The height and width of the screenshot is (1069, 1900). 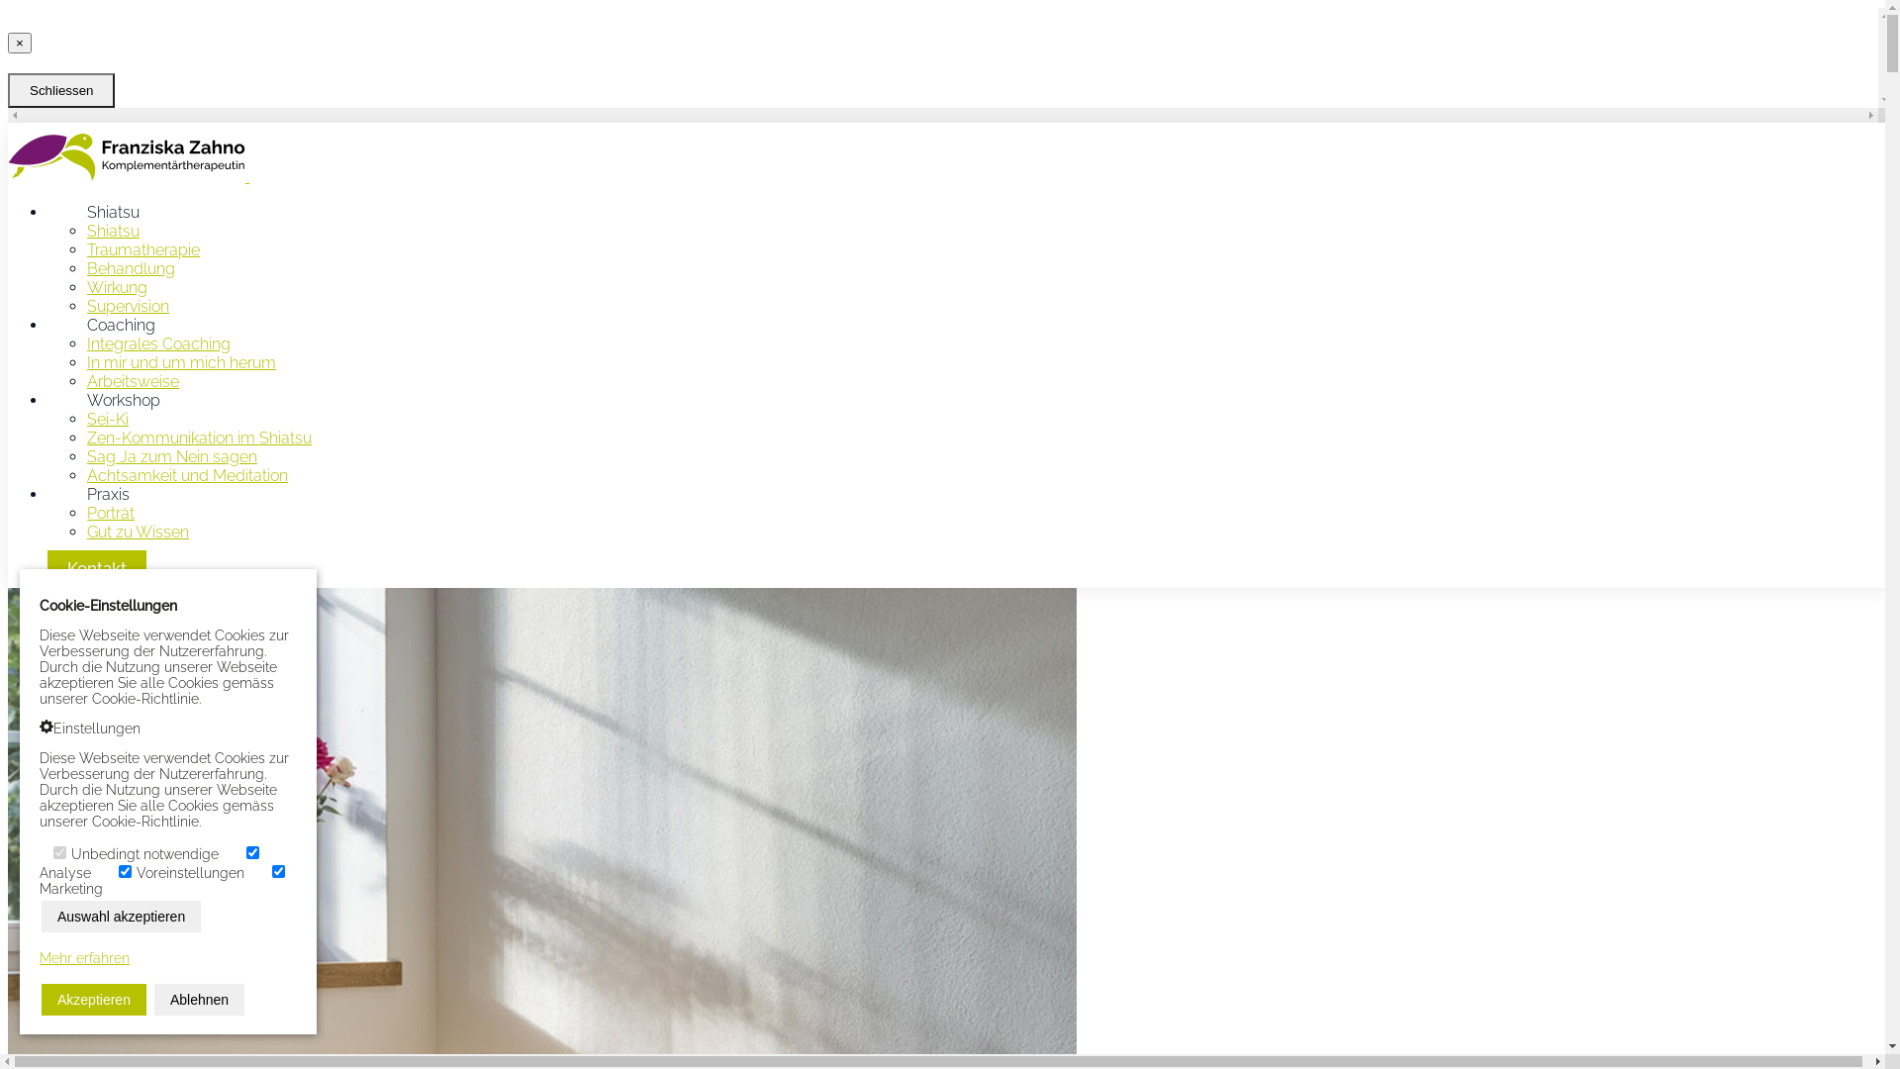 I want to click on 'Auswahl akzeptieren', so click(x=42, y=916).